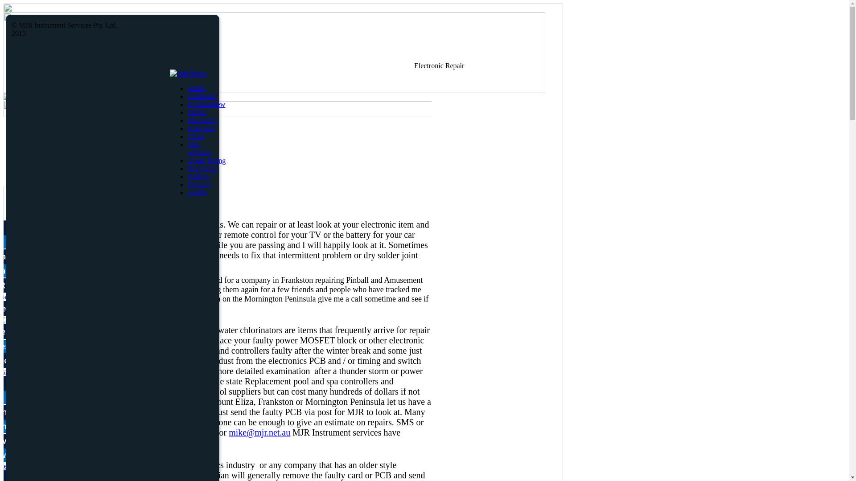  Describe the element at coordinates (206, 104) in the screenshot. I see `'mjrteamview'` at that location.